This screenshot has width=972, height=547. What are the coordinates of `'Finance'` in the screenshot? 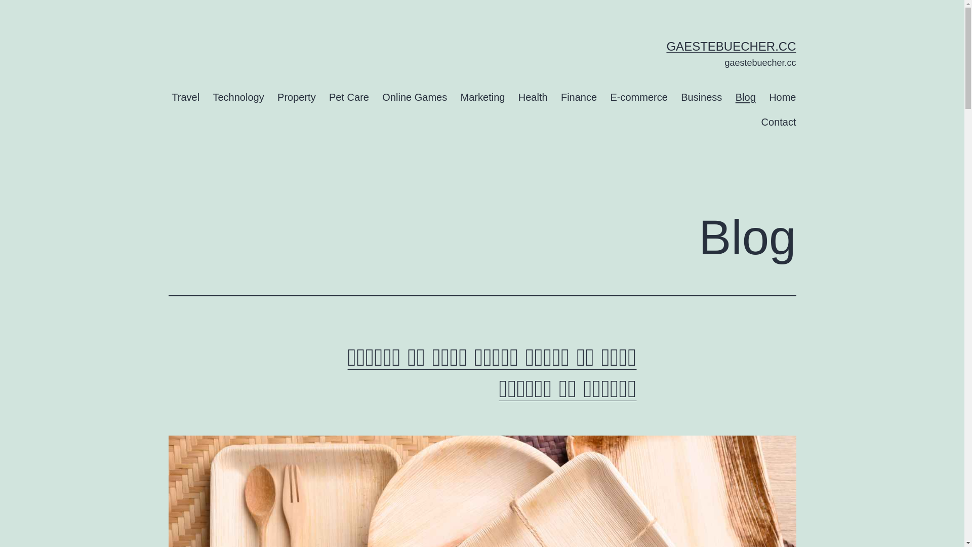 It's located at (579, 97).